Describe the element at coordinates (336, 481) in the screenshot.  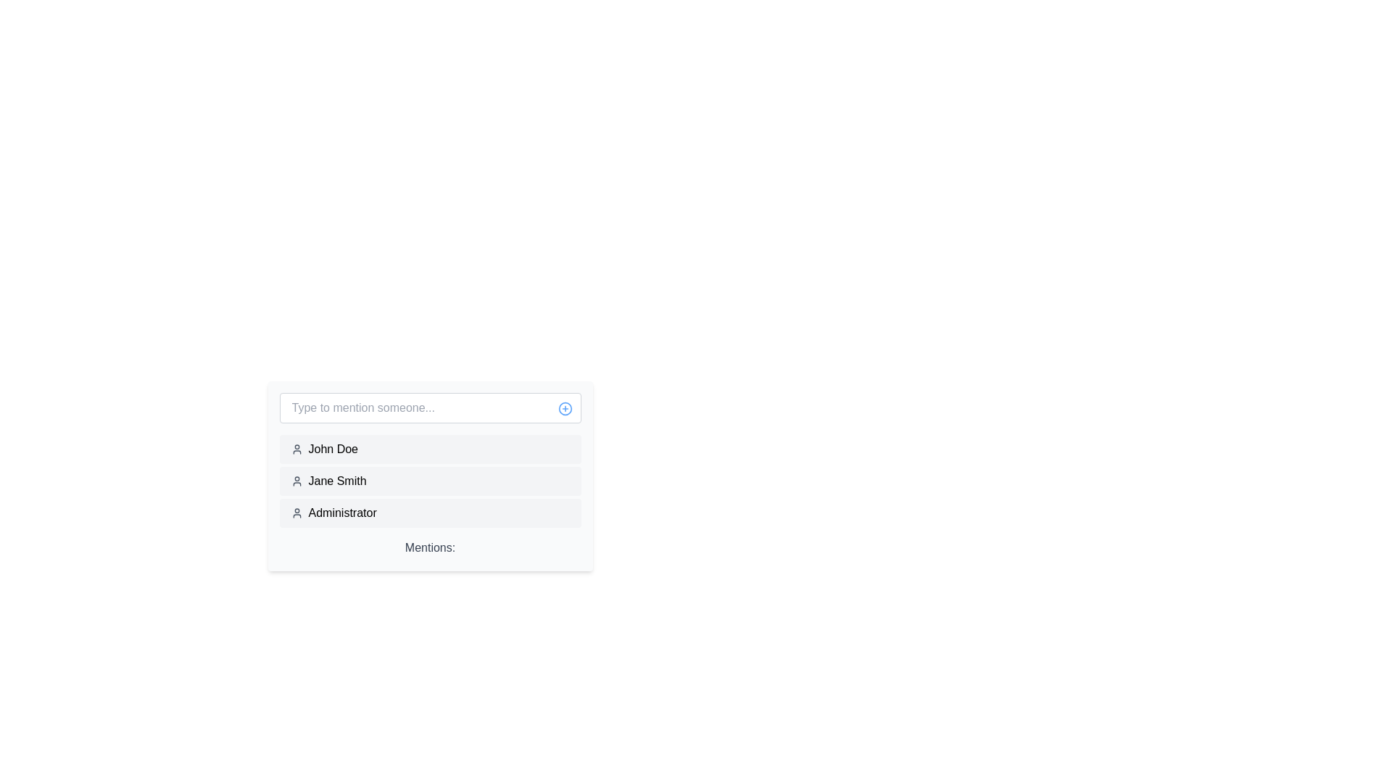
I see `the text label displaying 'Jane Smith'` at that location.